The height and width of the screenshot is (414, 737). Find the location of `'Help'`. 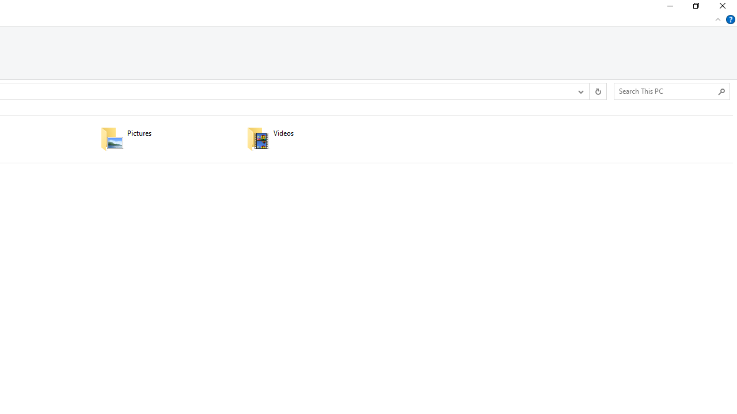

'Help' is located at coordinates (730, 19).